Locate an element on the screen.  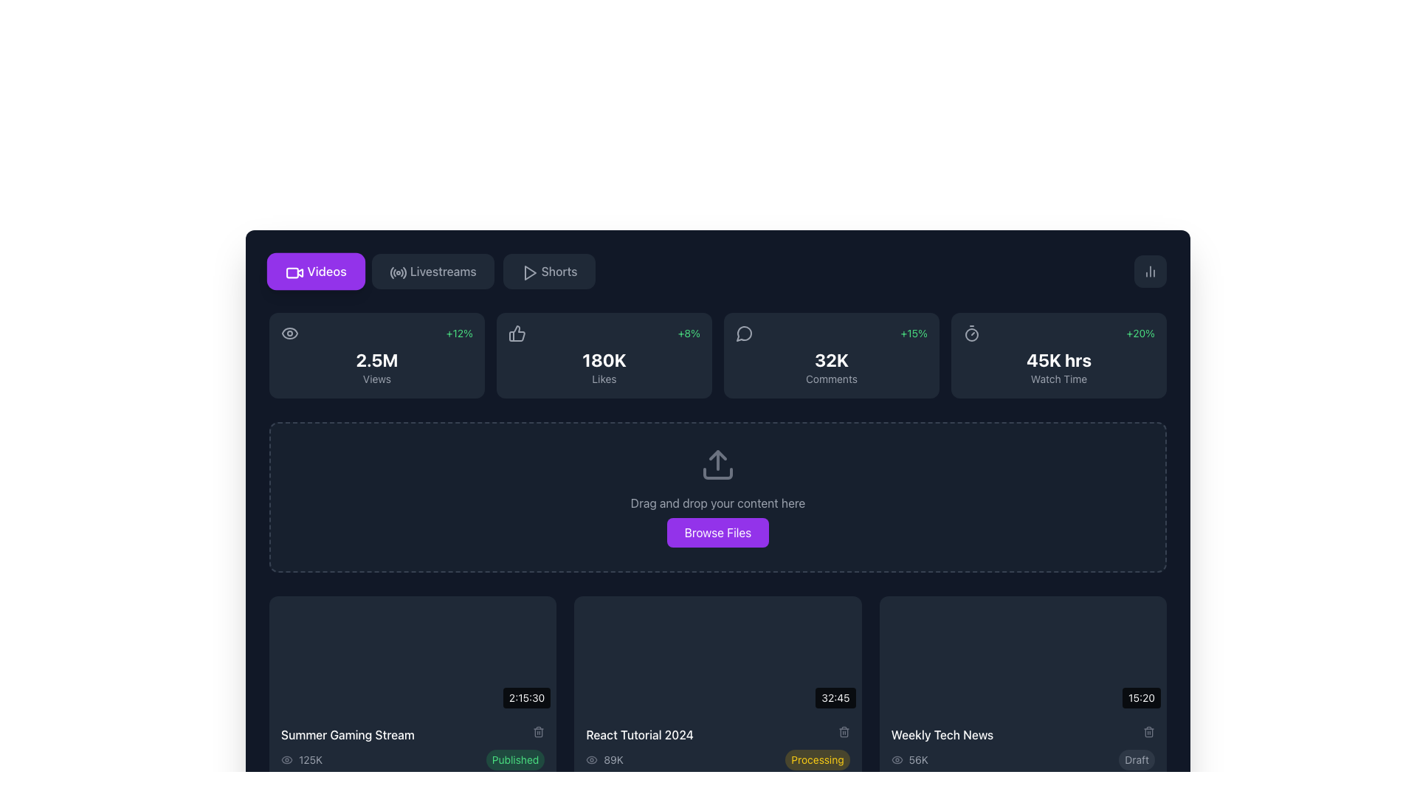
the upload icon graphic element positioned at the bottom of the SVG icon, which indicates users can upload files is located at coordinates (718, 473).